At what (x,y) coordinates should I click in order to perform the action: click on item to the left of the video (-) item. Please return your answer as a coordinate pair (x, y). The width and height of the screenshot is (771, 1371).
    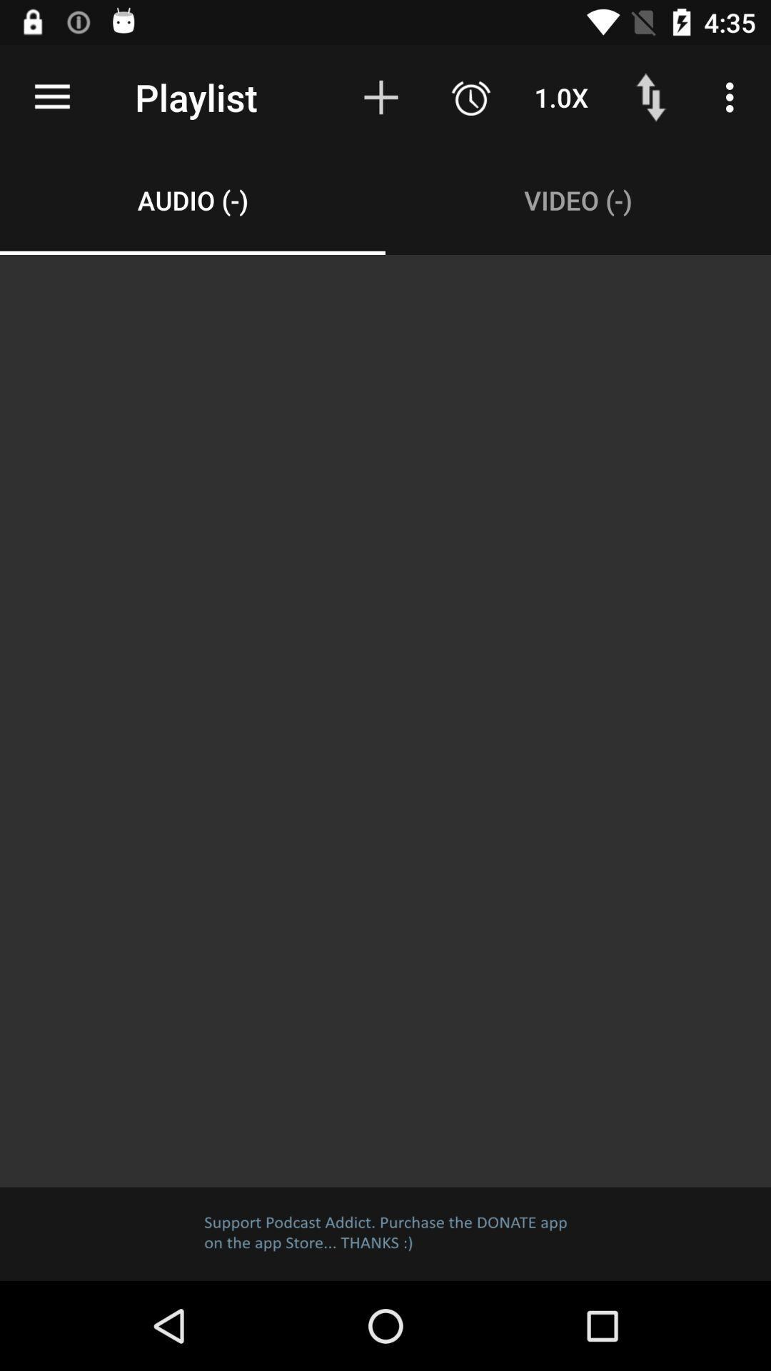
    Looking at the image, I should click on (193, 199).